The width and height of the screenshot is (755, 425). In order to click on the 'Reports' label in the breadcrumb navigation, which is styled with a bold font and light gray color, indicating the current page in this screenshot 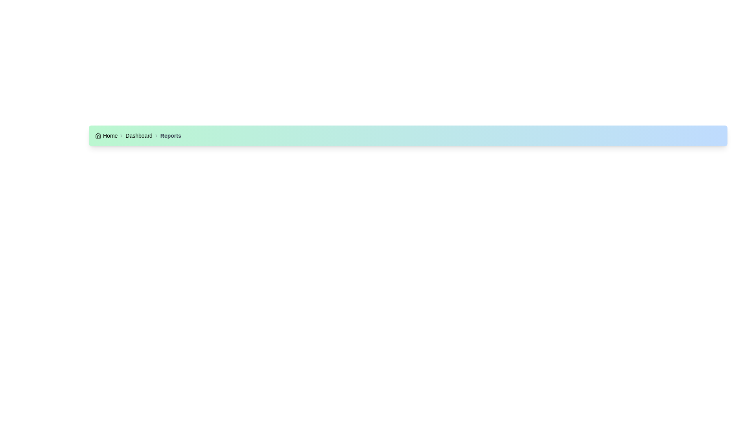, I will do `click(170, 135)`.